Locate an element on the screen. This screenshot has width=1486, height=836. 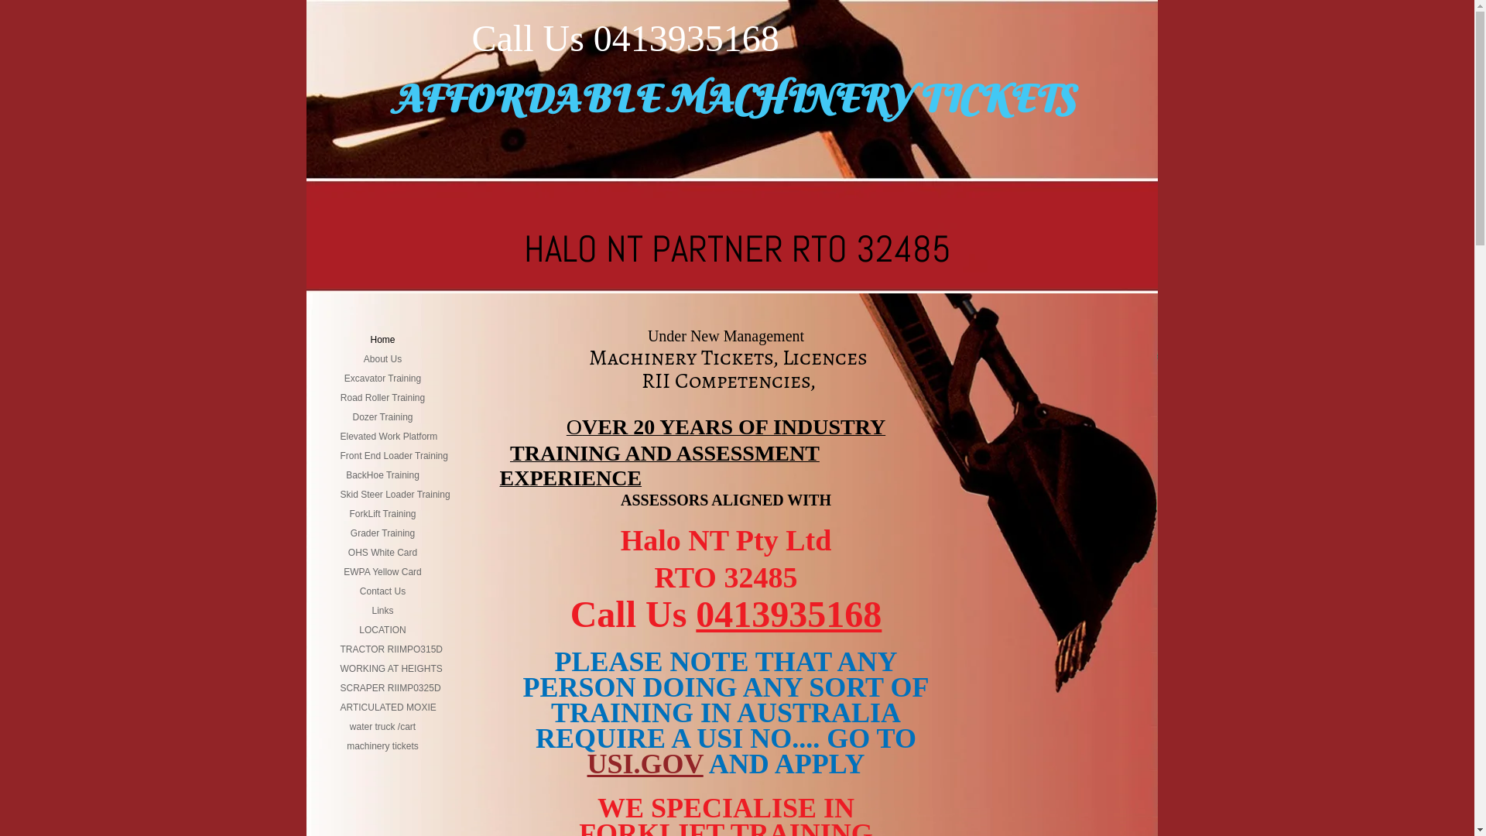
'Road Roller Training' is located at coordinates (382, 396).